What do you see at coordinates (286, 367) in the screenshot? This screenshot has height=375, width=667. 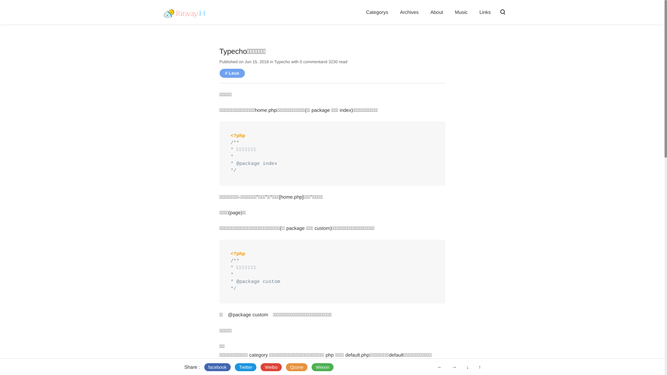 I see `'Qzone'` at bounding box center [286, 367].